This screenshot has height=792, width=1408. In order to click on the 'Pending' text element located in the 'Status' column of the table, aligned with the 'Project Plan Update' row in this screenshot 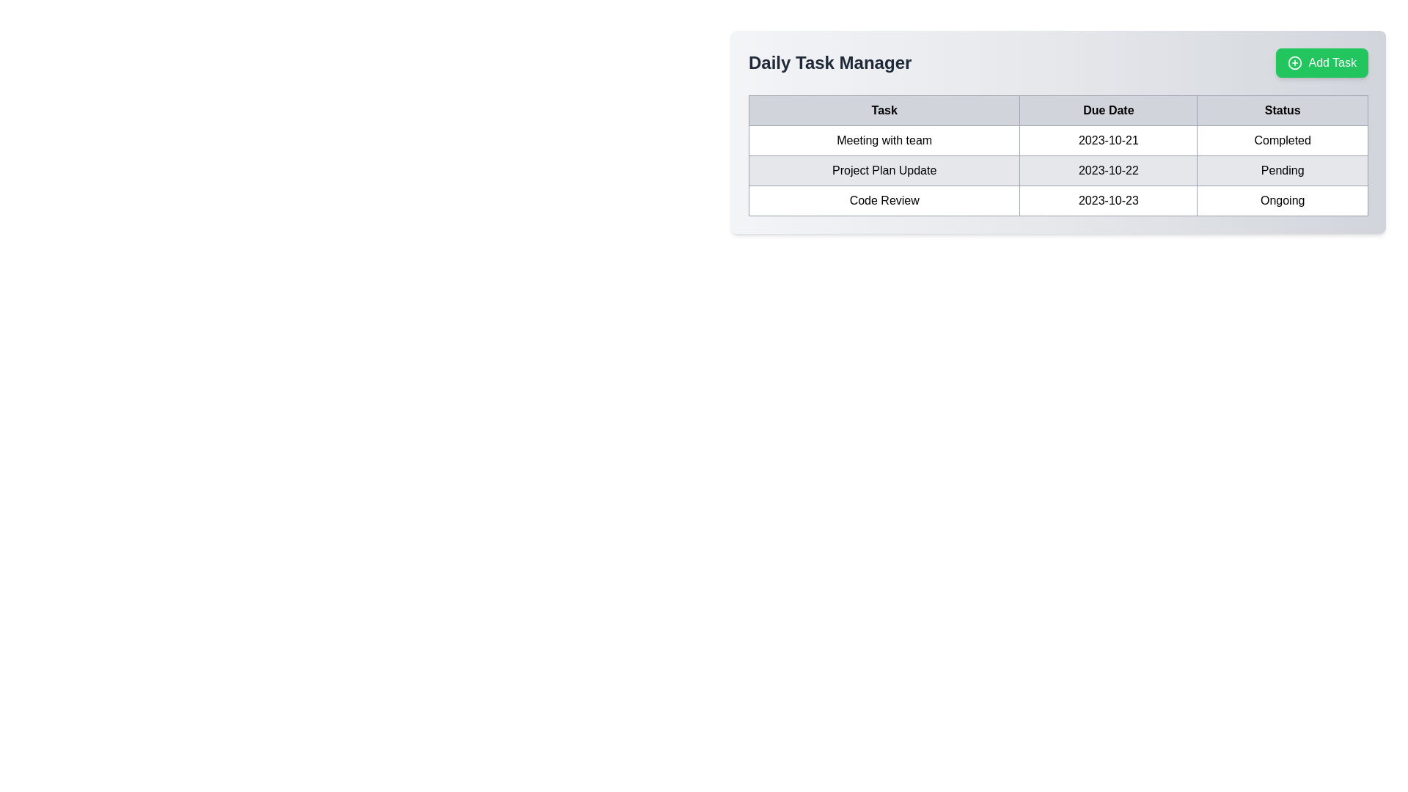, I will do `click(1282, 169)`.